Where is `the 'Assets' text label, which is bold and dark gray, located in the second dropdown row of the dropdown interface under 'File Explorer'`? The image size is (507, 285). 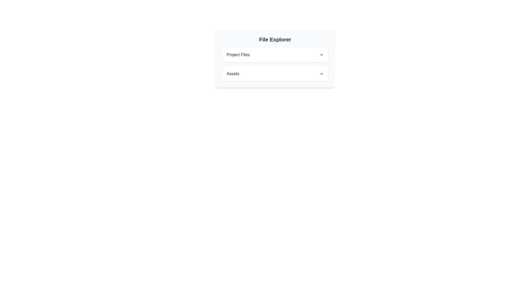
the 'Assets' text label, which is bold and dark gray, located in the second dropdown row of the dropdown interface under 'File Explorer' is located at coordinates (233, 74).